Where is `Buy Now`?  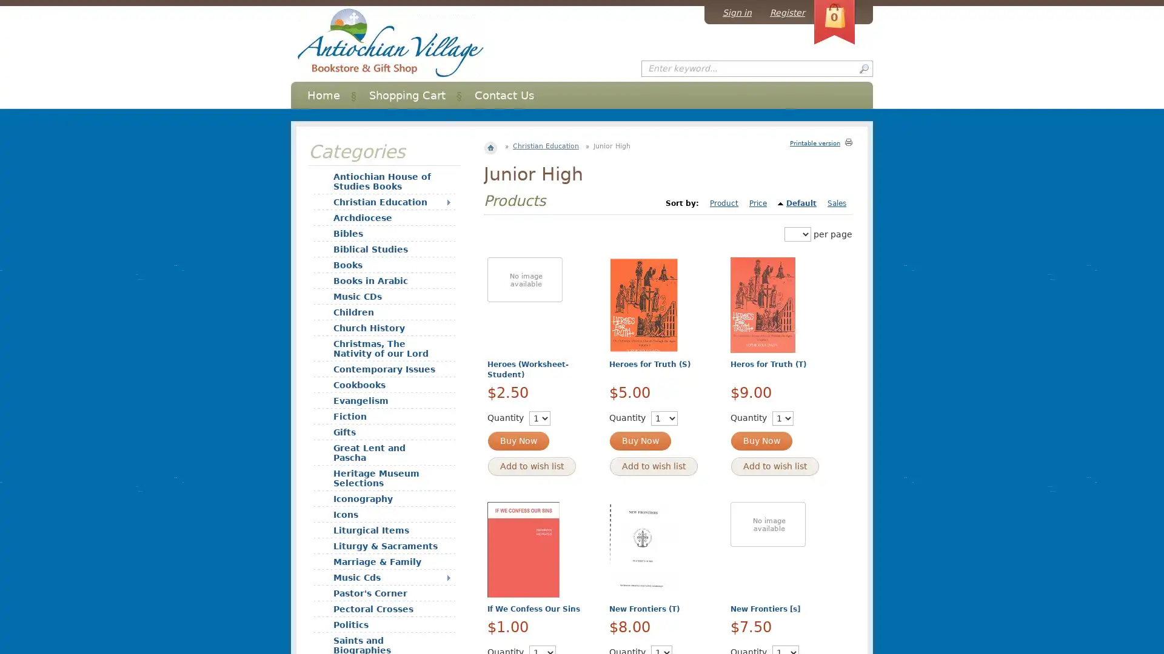
Buy Now is located at coordinates (639, 441).